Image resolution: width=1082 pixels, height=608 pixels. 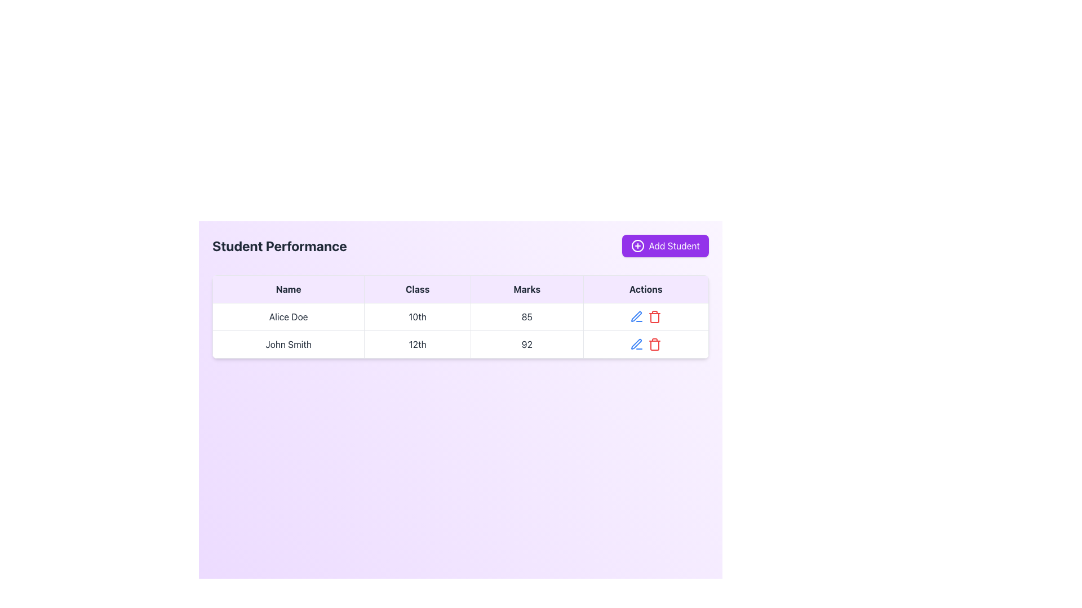 What do you see at coordinates (655, 317) in the screenshot?
I see `the delete icon button located in the 'Actions' column of the second row of the data table` at bounding box center [655, 317].